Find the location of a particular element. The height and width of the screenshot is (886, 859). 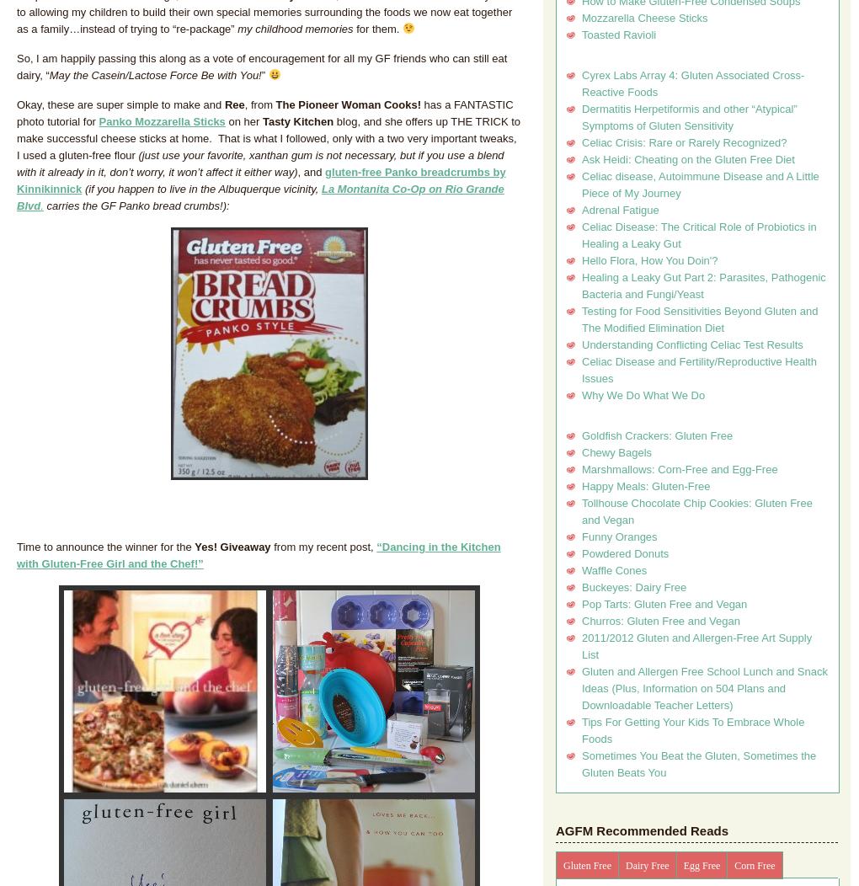

'Happy Meals: Gluten-Free' is located at coordinates (645, 485).